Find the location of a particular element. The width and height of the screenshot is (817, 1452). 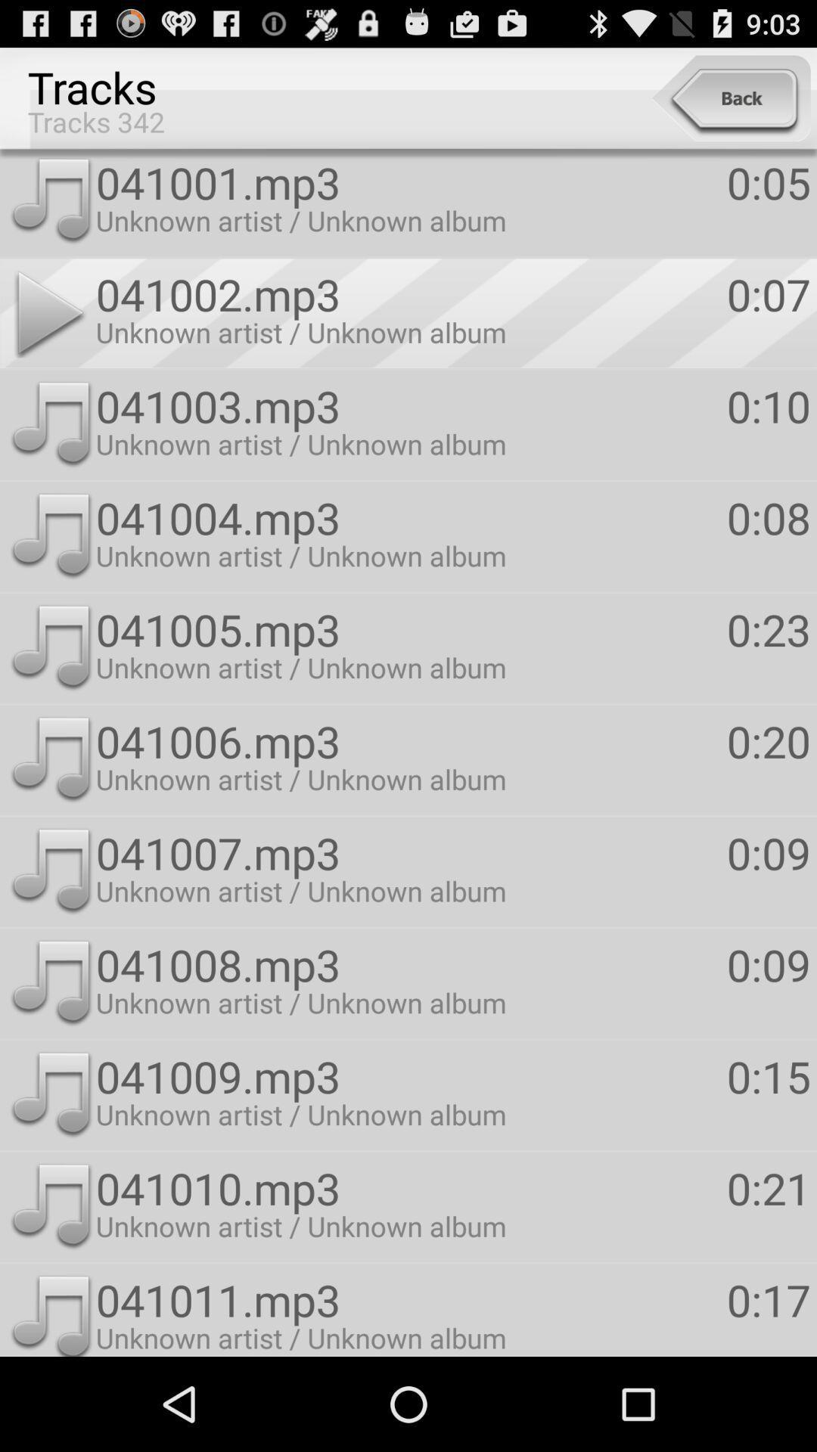

the icon to the right of the tracks 342 icon is located at coordinates (730, 98).